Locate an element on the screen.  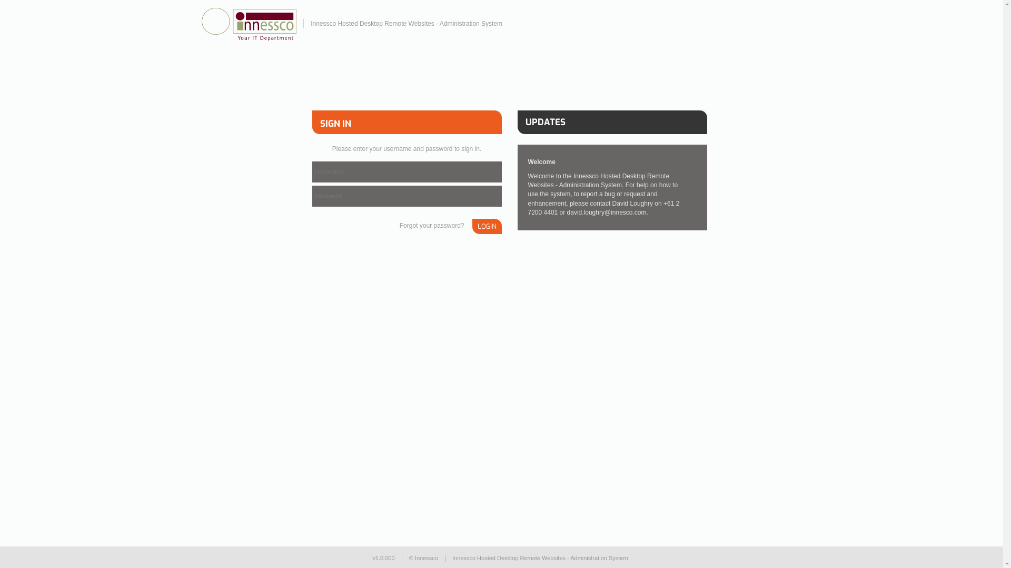
'LOGIN' is located at coordinates (471, 226).